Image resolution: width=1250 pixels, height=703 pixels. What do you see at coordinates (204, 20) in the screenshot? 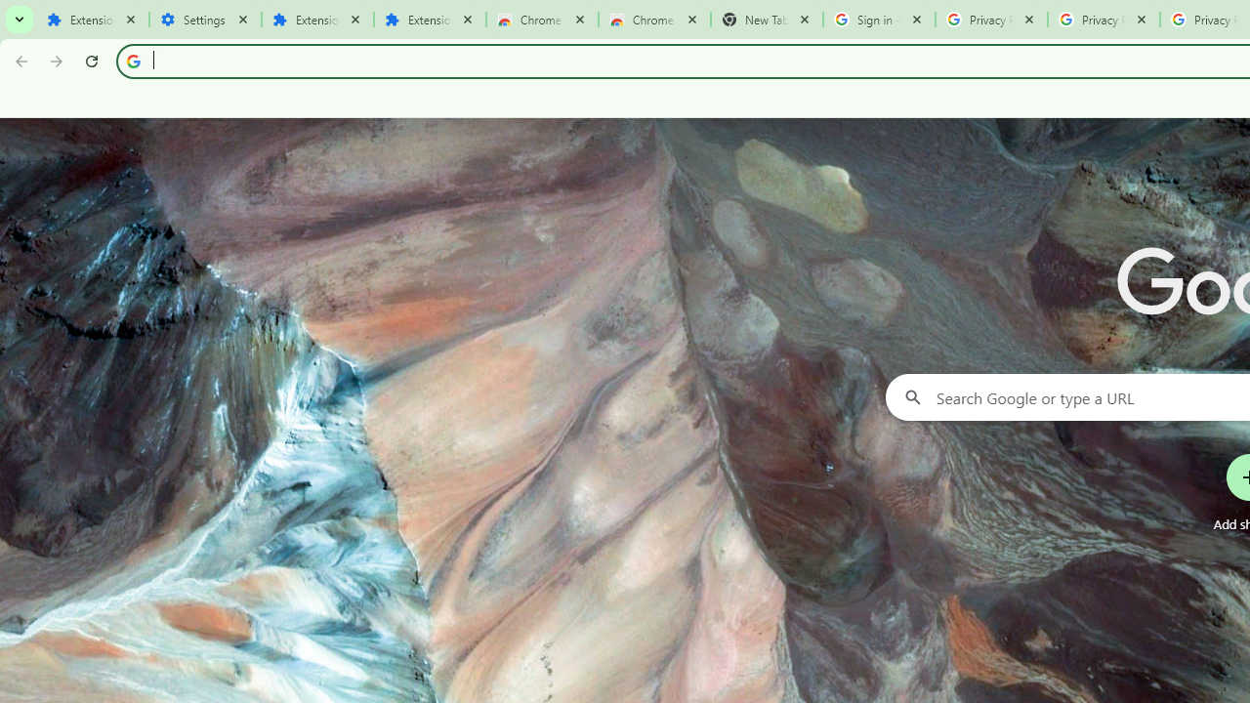
I see `'Settings'` at bounding box center [204, 20].